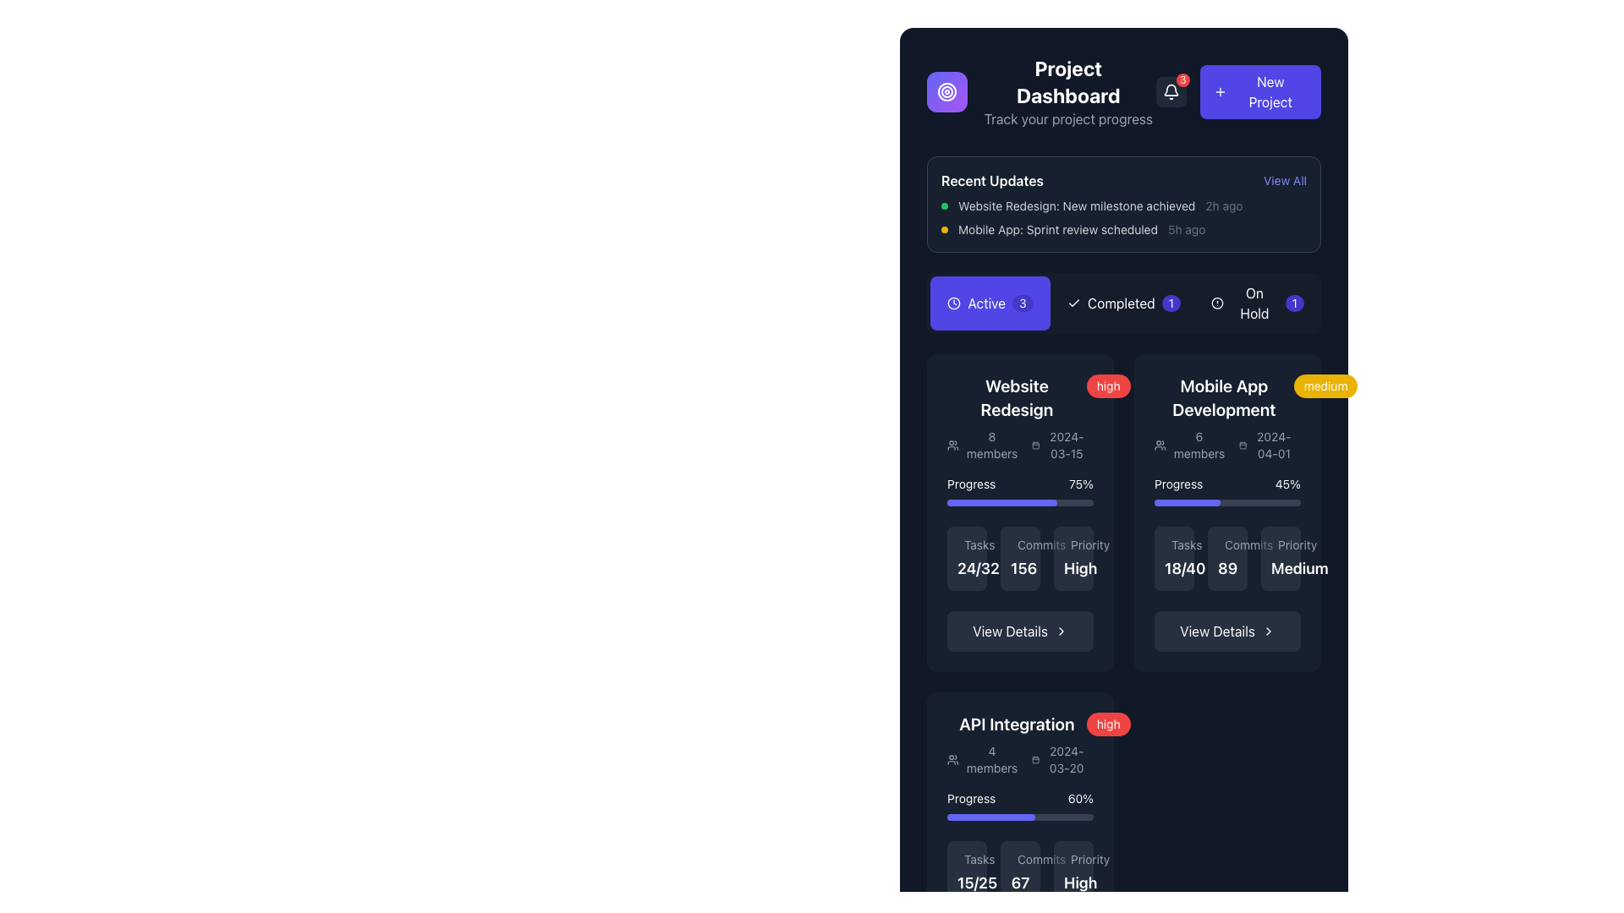 This screenshot has height=913, width=1624. What do you see at coordinates (1124, 230) in the screenshot?
I see `the second list item in the 'Recent Updates' section that has a small yellow circular icon followed by the text 'Mobile App: Sprint review scheduled'` at bounding box center [1124, 230].